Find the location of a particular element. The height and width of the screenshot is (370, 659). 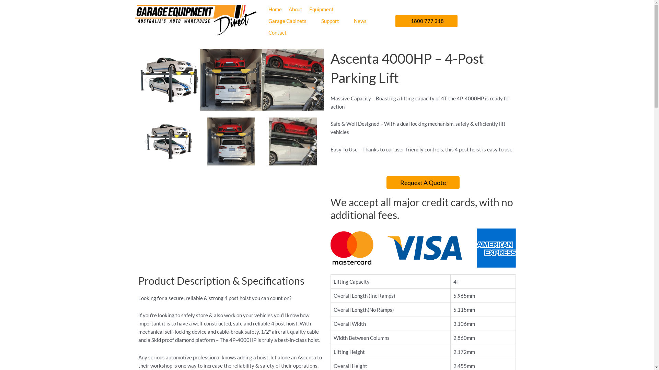

'Support' is located at coordinates (330, 21).